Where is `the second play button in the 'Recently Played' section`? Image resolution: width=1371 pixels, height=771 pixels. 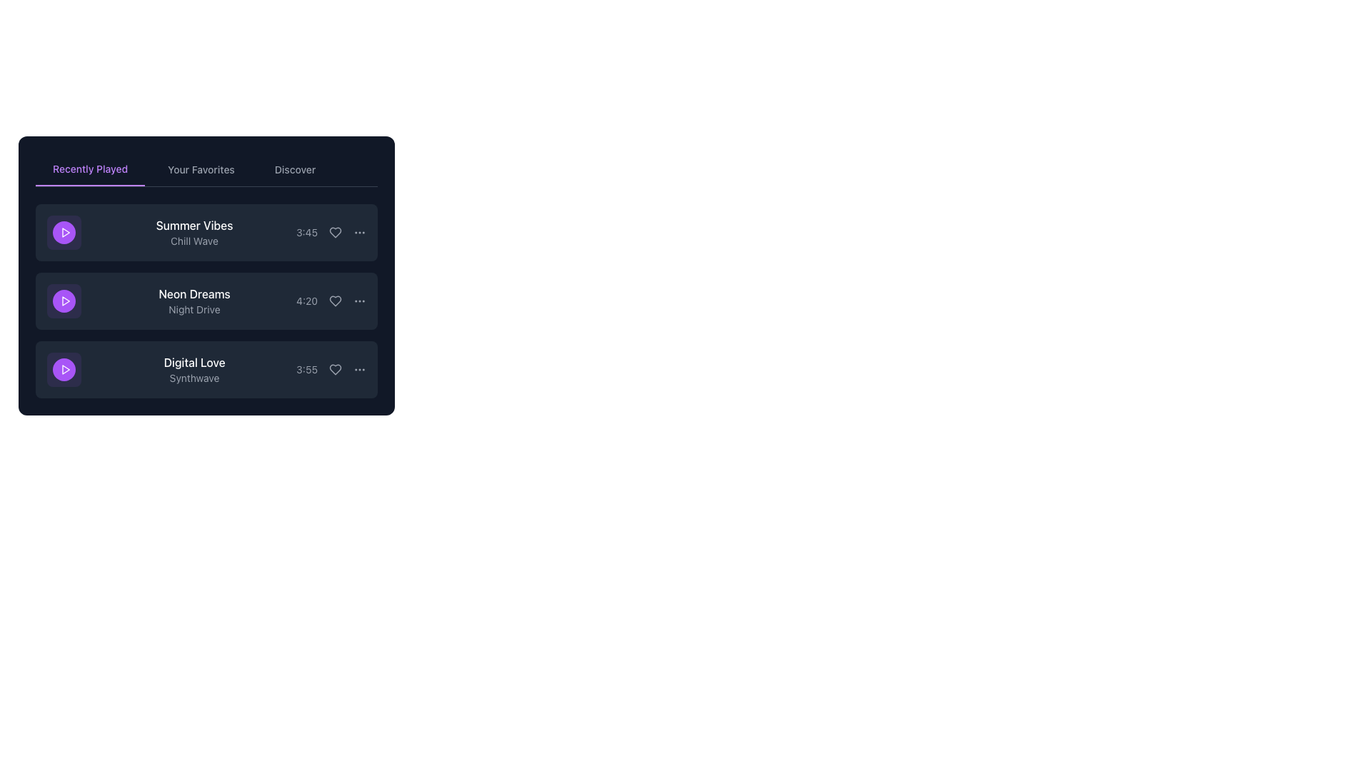
the second play button in the 'Recently Played' section is located at coordinates (64, 300).